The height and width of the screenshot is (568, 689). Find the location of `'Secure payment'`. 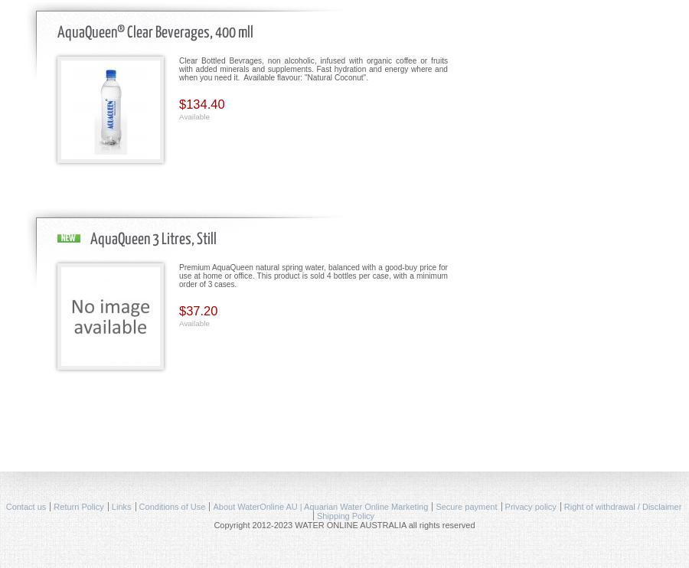

'Secure payment' is located at coordinates (466, 504).